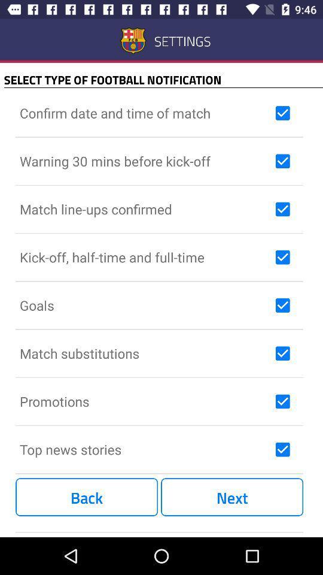 The image size is (323, 575). What do you see at coordinates (282, 113) in the screenshot?
I see `for date and time of match notification` at bounding box center [282, 113].